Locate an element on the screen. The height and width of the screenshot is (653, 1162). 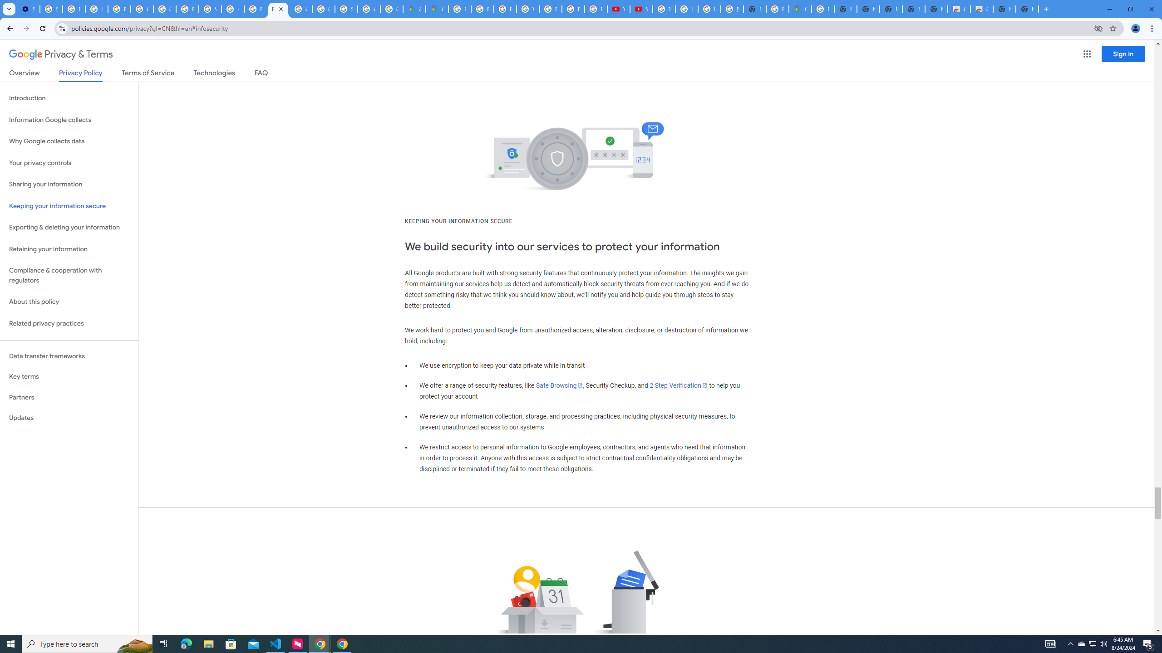
'Information Google collects' is located at coordinates (69, 120).